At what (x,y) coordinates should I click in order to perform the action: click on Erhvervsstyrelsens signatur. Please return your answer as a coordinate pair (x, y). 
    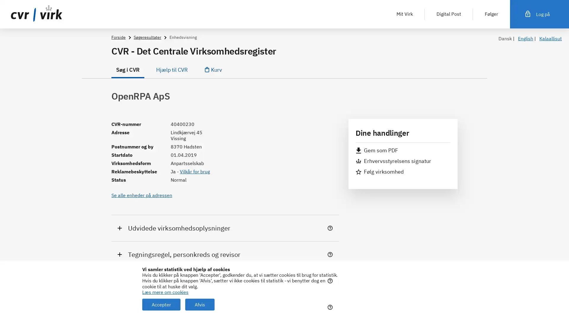
    Looking at the image, I should click on (393, 161).